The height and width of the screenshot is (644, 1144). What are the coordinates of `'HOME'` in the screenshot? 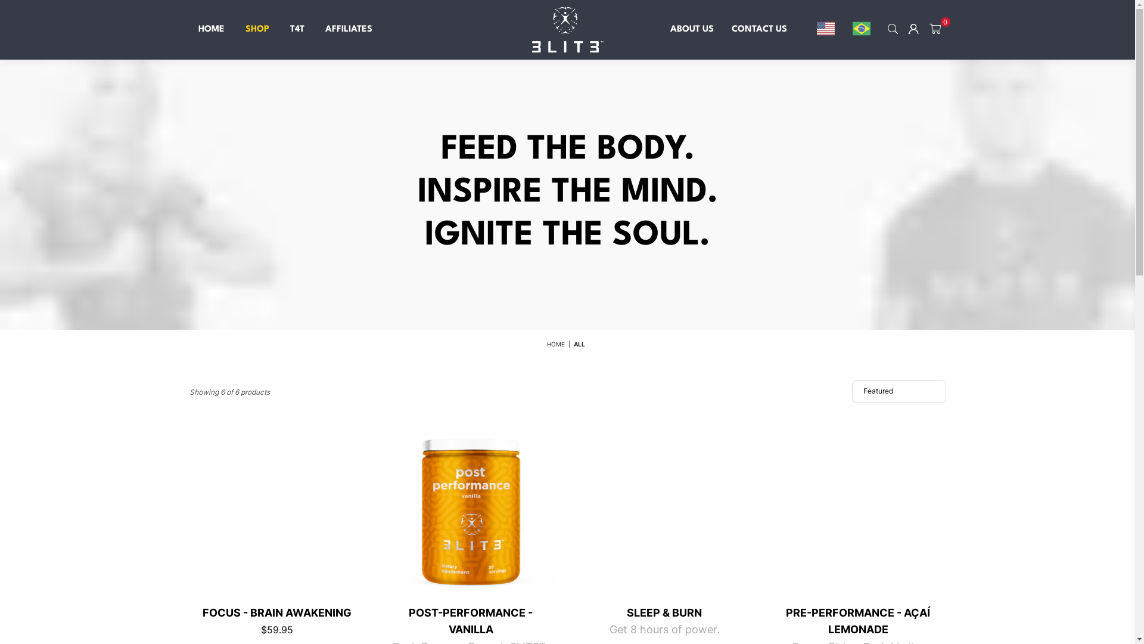 It's located at (212, 29).